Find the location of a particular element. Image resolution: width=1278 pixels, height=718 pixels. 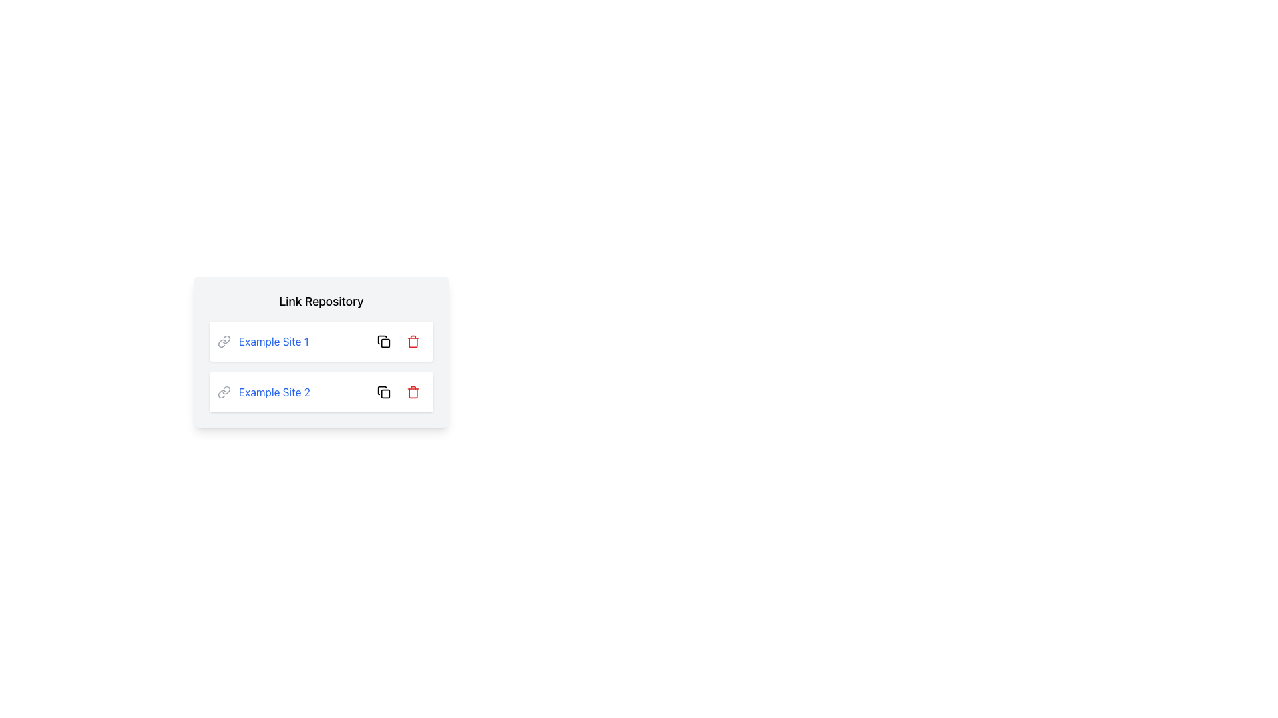

the first hyperlink labeled 'Example Site 1' located within the white card titled 'Link Repository' is located at coordinates (263, 340).